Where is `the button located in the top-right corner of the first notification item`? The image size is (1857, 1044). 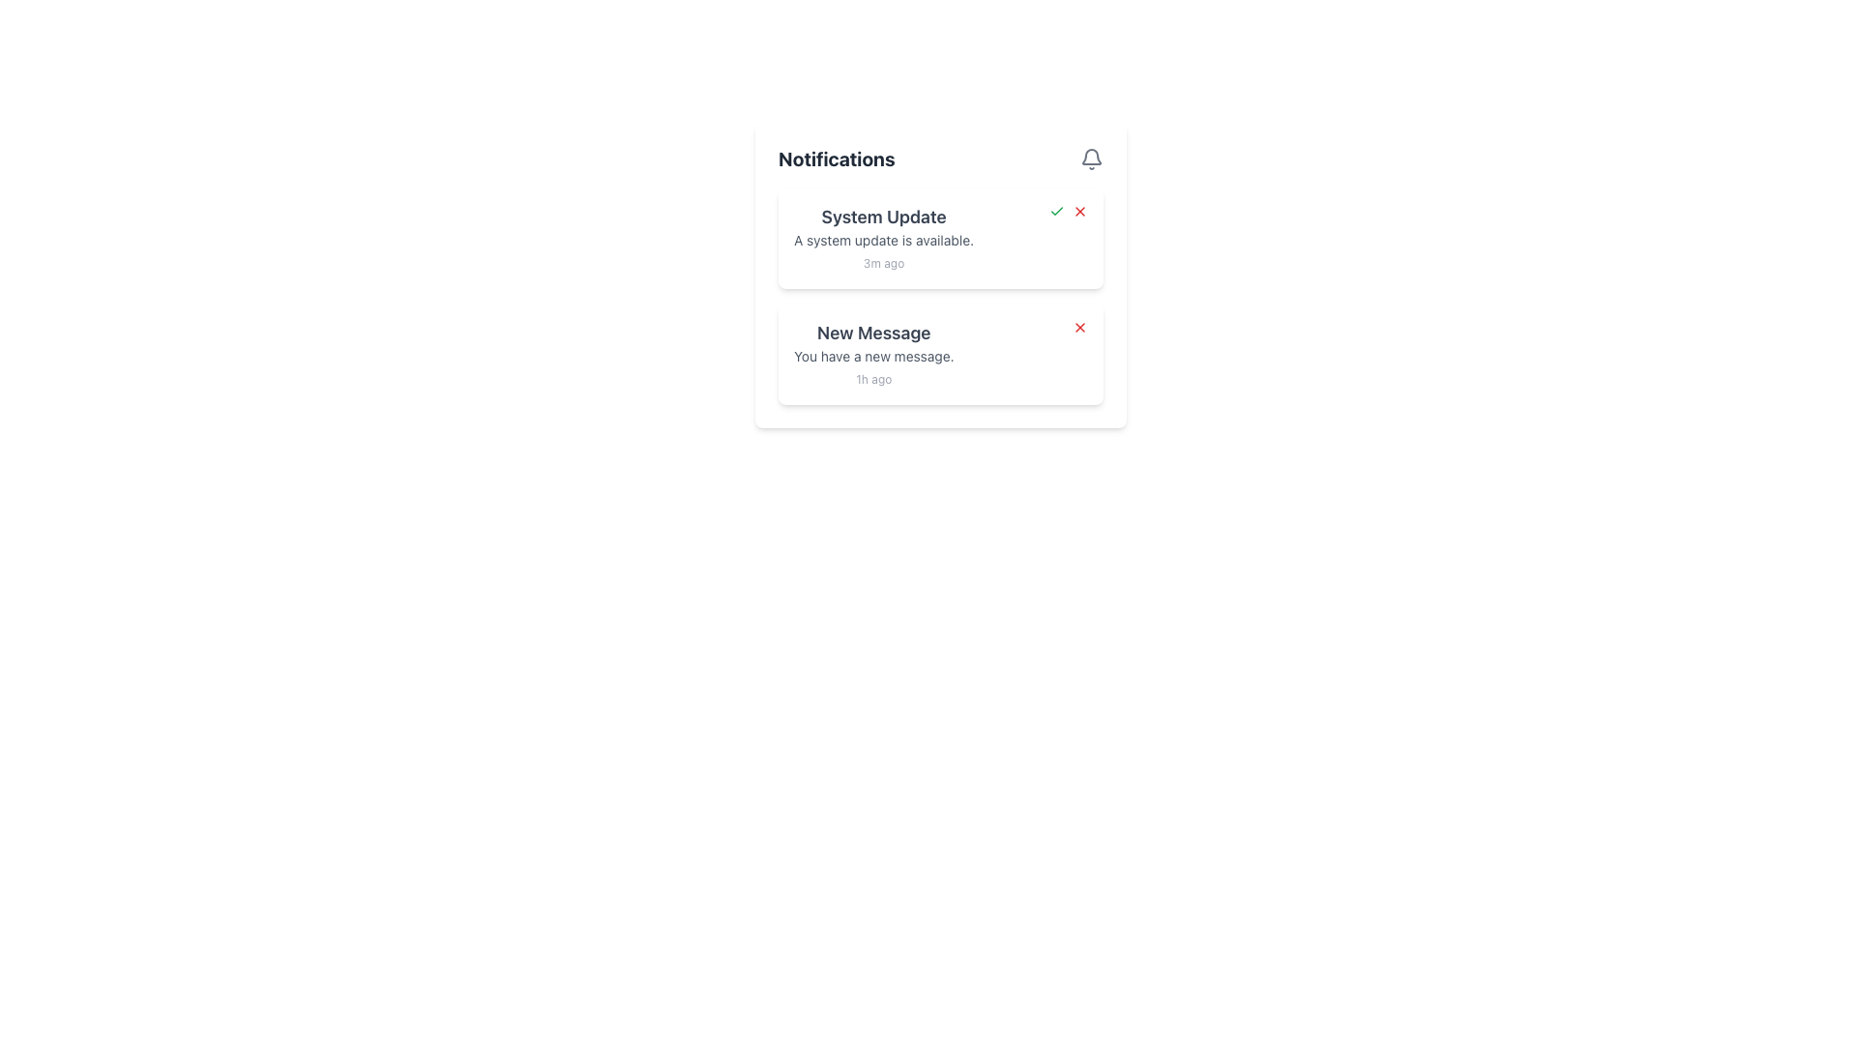
the button located in the top-right corner of the first notification item is located at coordinates (1079, 212).